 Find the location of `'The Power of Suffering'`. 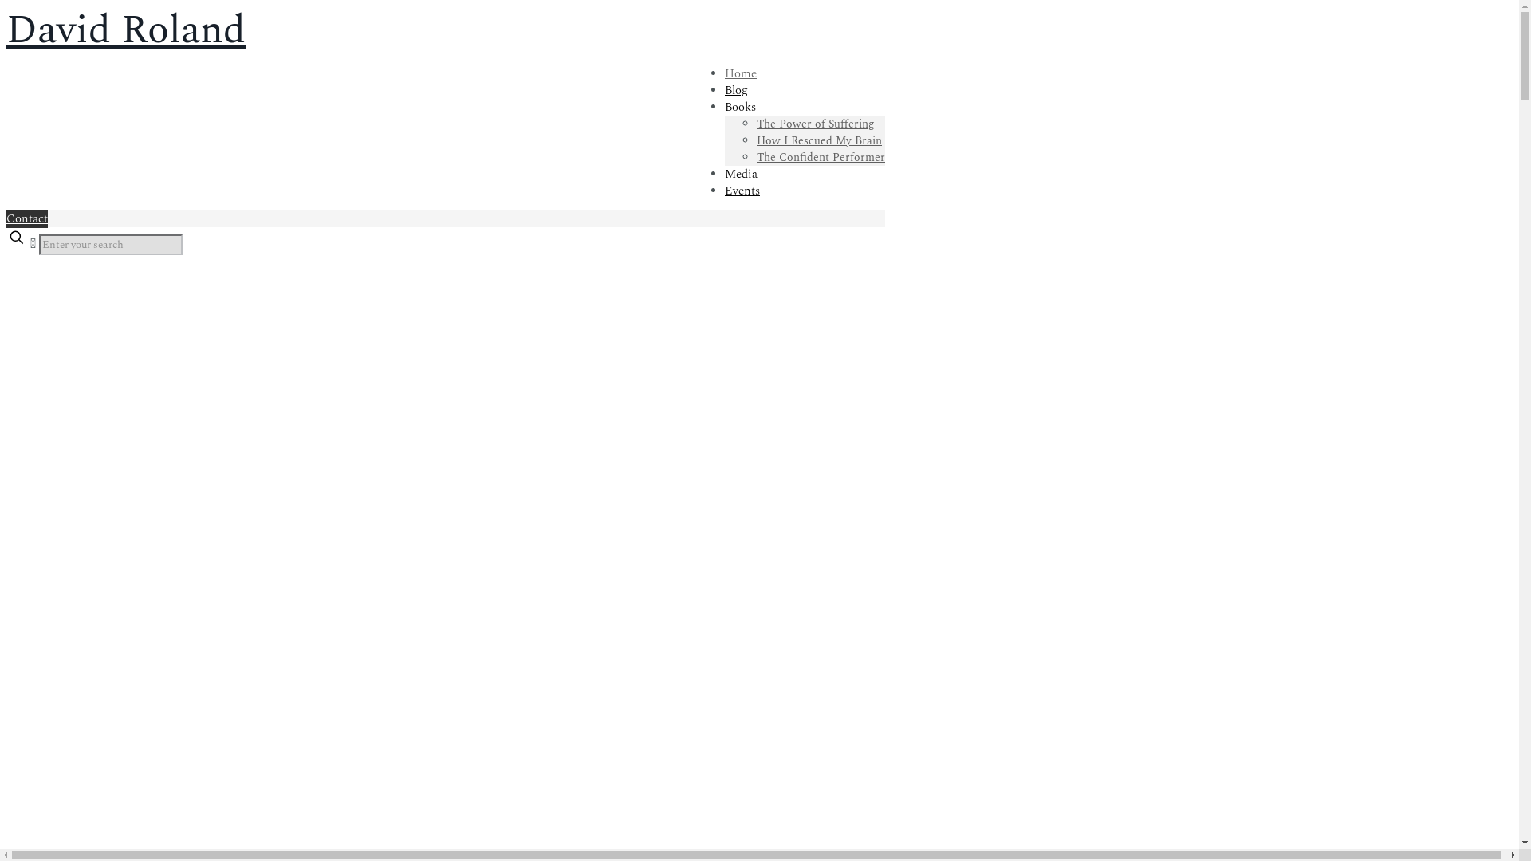

'The Power of Suffering' is located at coordinates (756, 123).